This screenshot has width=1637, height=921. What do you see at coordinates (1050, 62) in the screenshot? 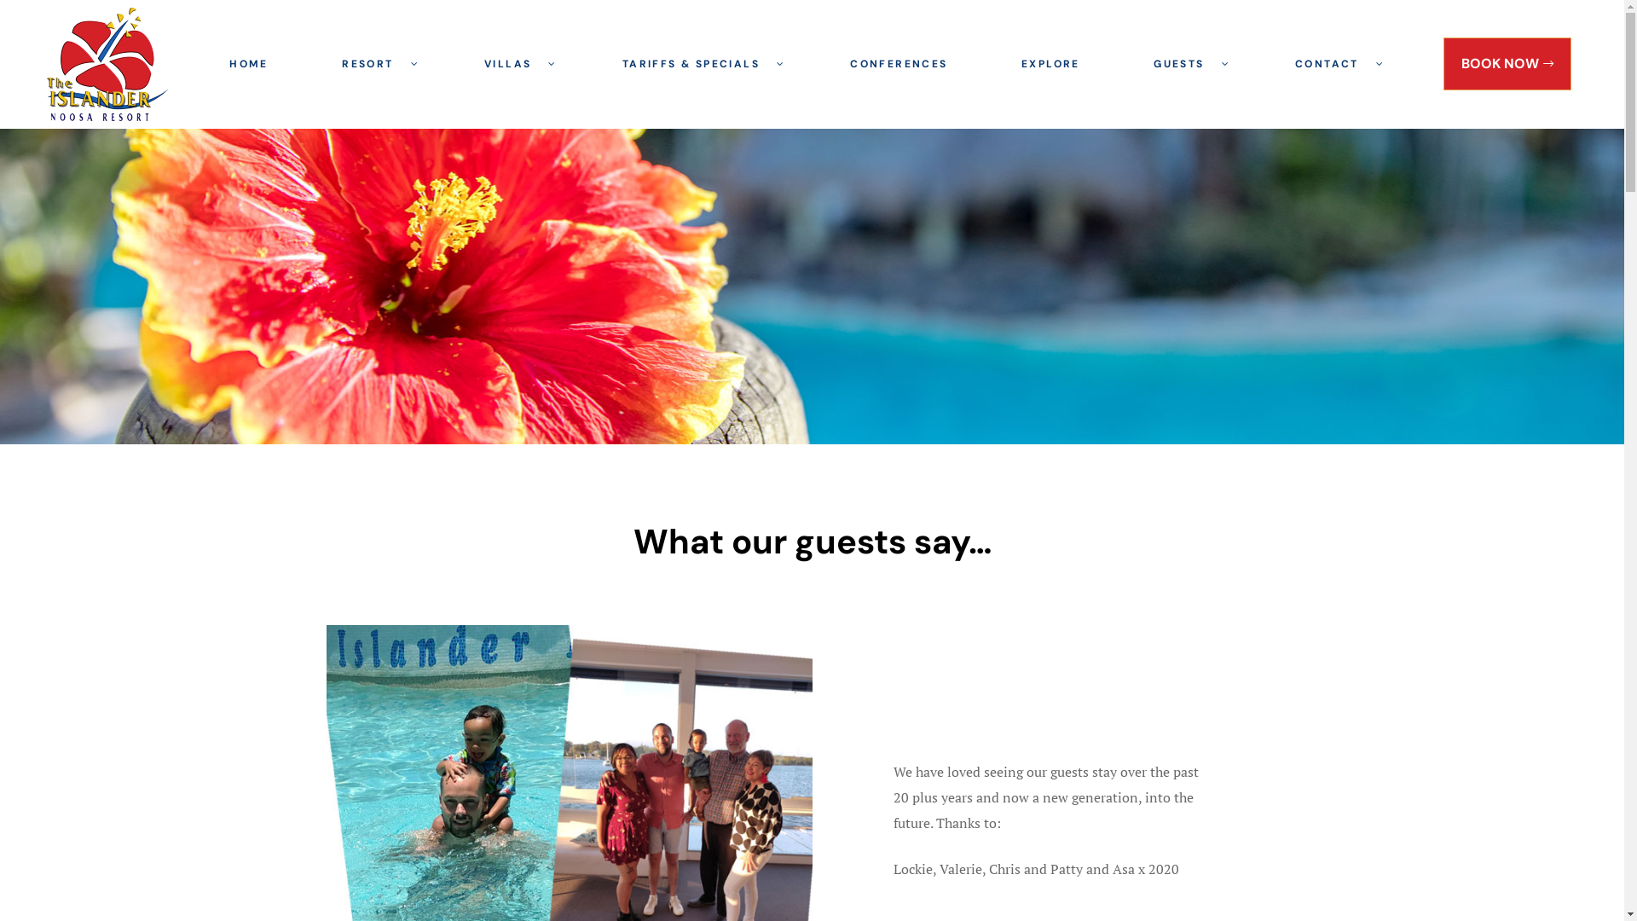
I see `'EXPLORE'` at bounding box center [1050, 62].